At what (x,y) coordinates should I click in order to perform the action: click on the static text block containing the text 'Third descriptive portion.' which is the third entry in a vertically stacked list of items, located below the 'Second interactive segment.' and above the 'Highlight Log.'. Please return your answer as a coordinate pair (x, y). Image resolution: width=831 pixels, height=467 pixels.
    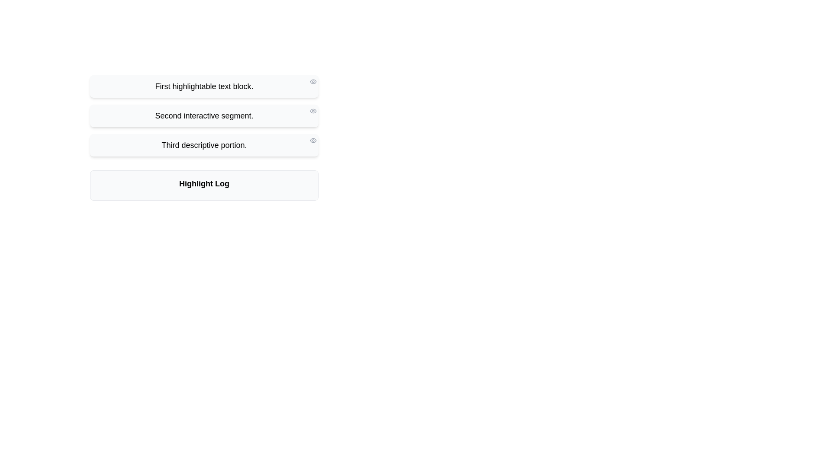
    Looking at the image, I should click on (203, 144).